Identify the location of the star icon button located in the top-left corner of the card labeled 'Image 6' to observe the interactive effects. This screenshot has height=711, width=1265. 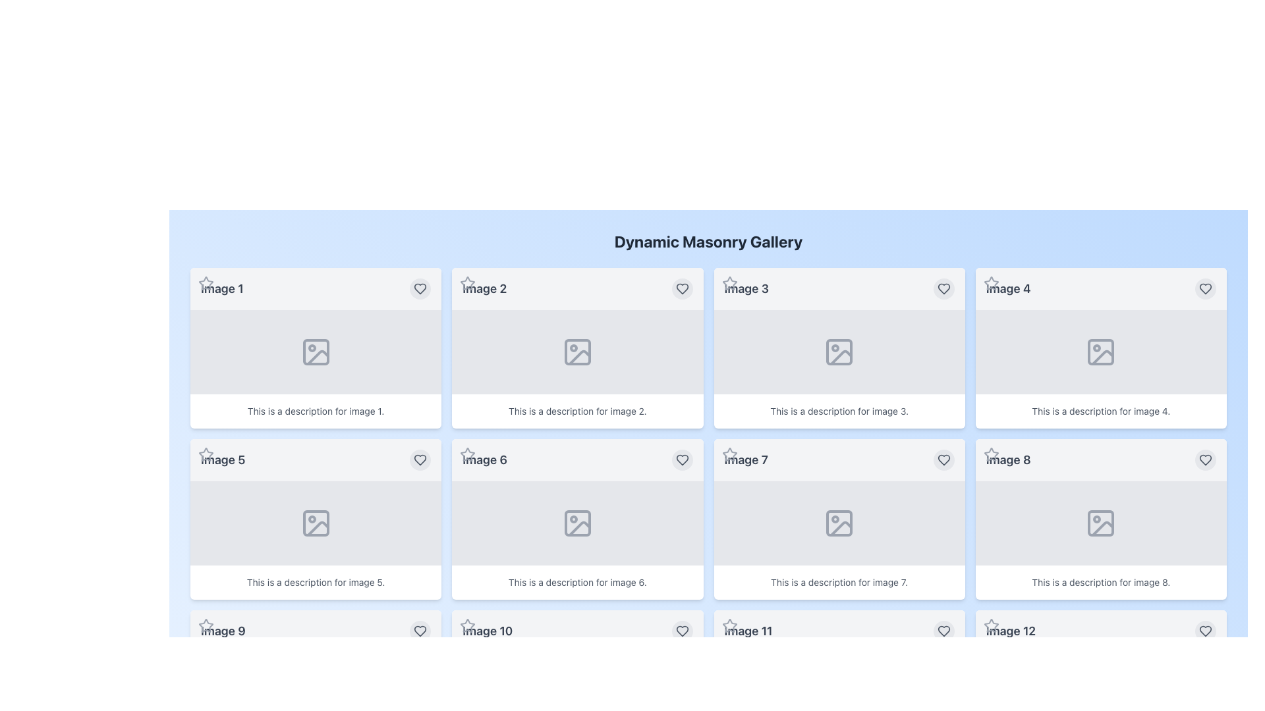
(468, 454).